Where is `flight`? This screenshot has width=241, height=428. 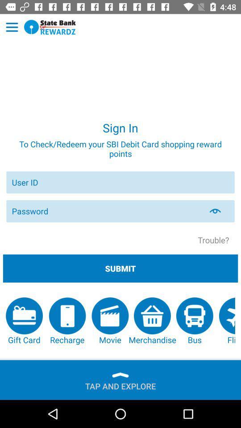
flight is located at coordinates (227, 321).